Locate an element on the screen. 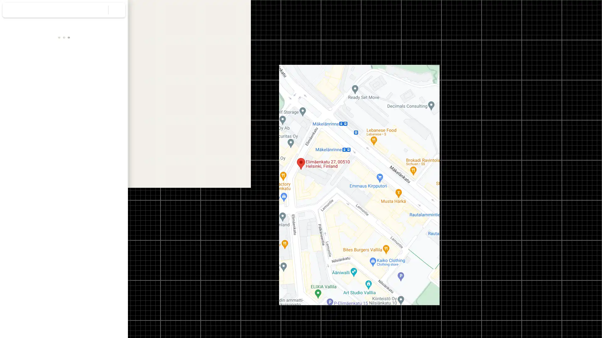  Street View is located at coordinates (64, 229).